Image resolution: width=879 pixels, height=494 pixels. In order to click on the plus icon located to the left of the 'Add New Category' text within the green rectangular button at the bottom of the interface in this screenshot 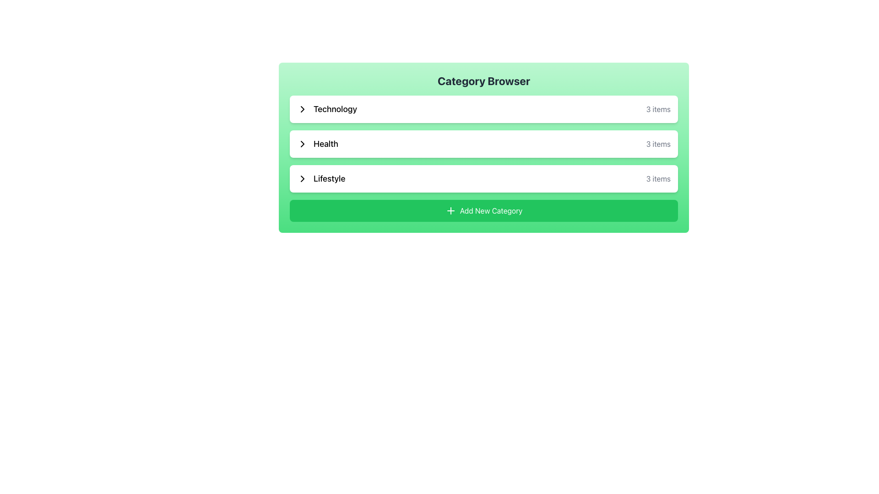, I will do `click(450, 211)`.